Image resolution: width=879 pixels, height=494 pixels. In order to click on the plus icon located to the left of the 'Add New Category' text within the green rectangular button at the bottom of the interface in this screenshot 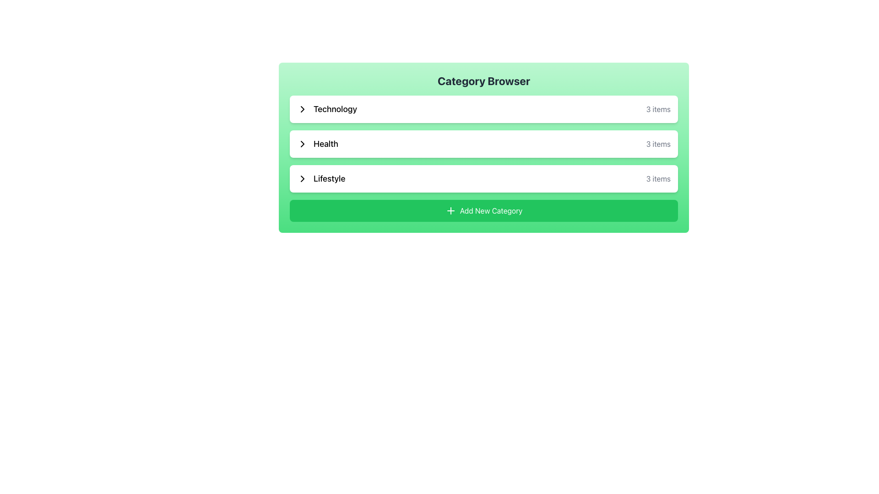, I will do `click(450, 211)`.